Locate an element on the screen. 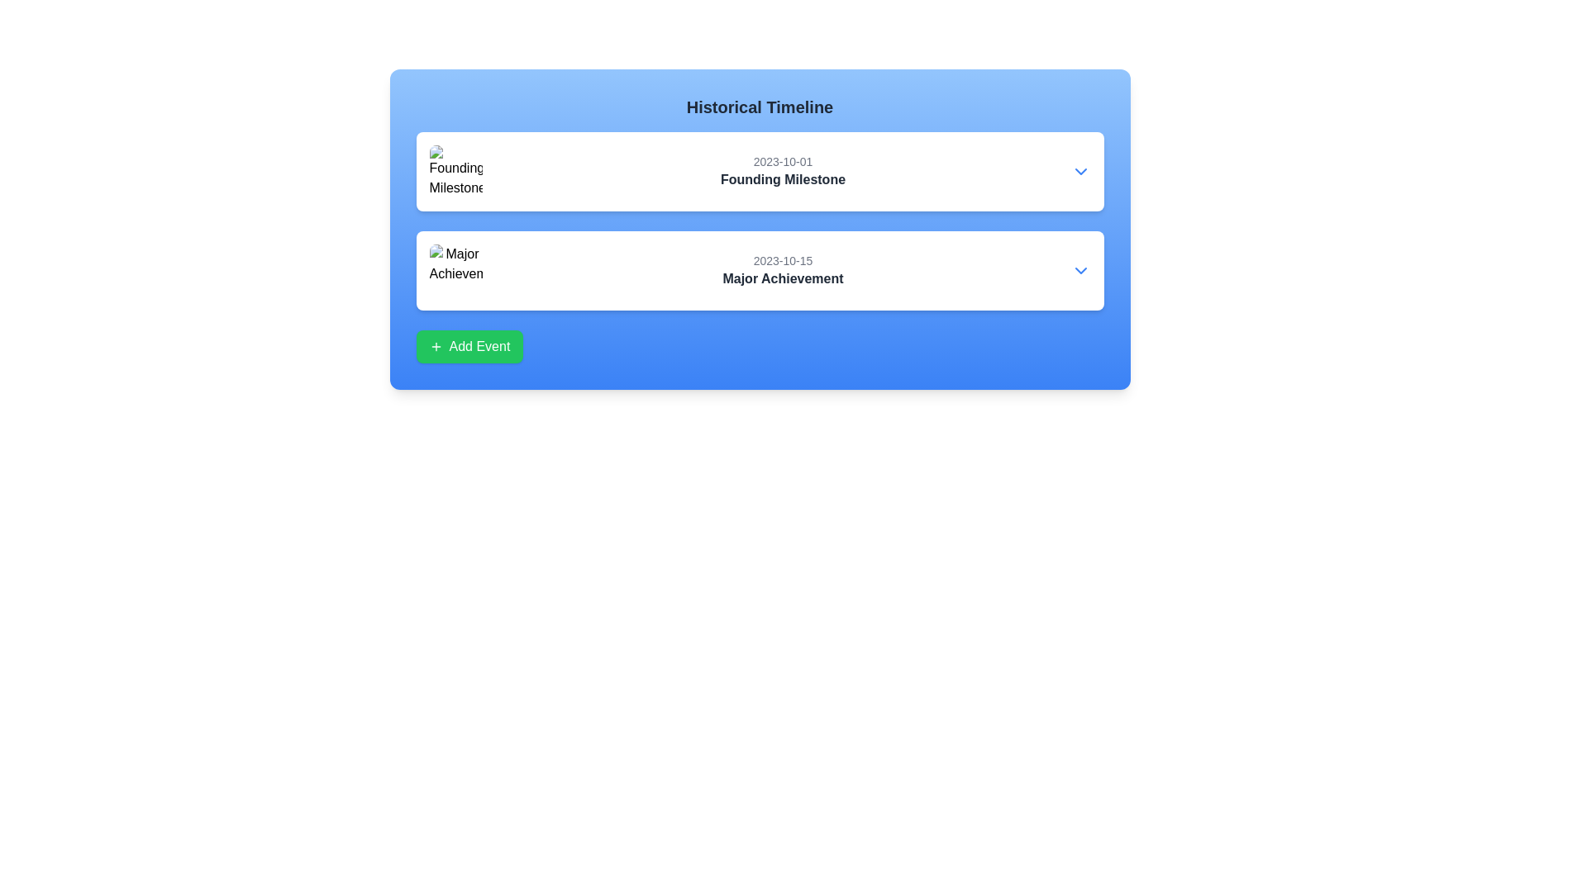 The image size is (1587, 892). the visual indicator icon located to the left of the text within the green 'Add Event' button at the bottom left of the 'Historical Timeline' card is located at coordinates (436, 346).